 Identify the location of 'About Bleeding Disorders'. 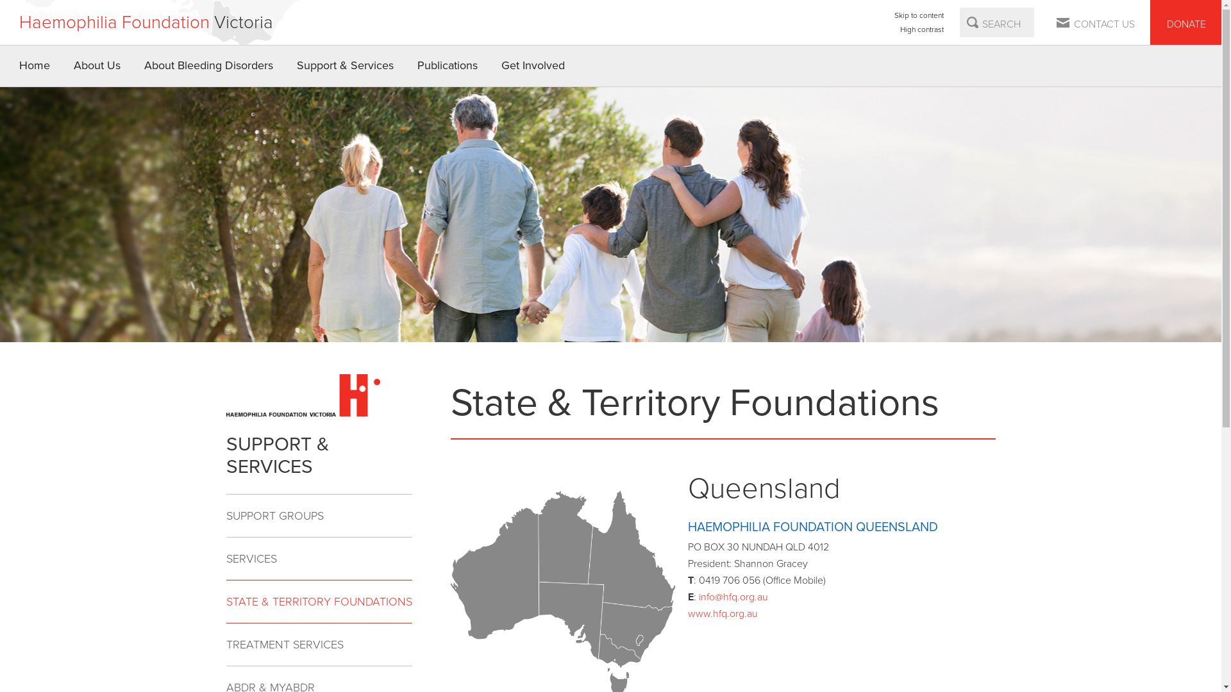
(209, 66).